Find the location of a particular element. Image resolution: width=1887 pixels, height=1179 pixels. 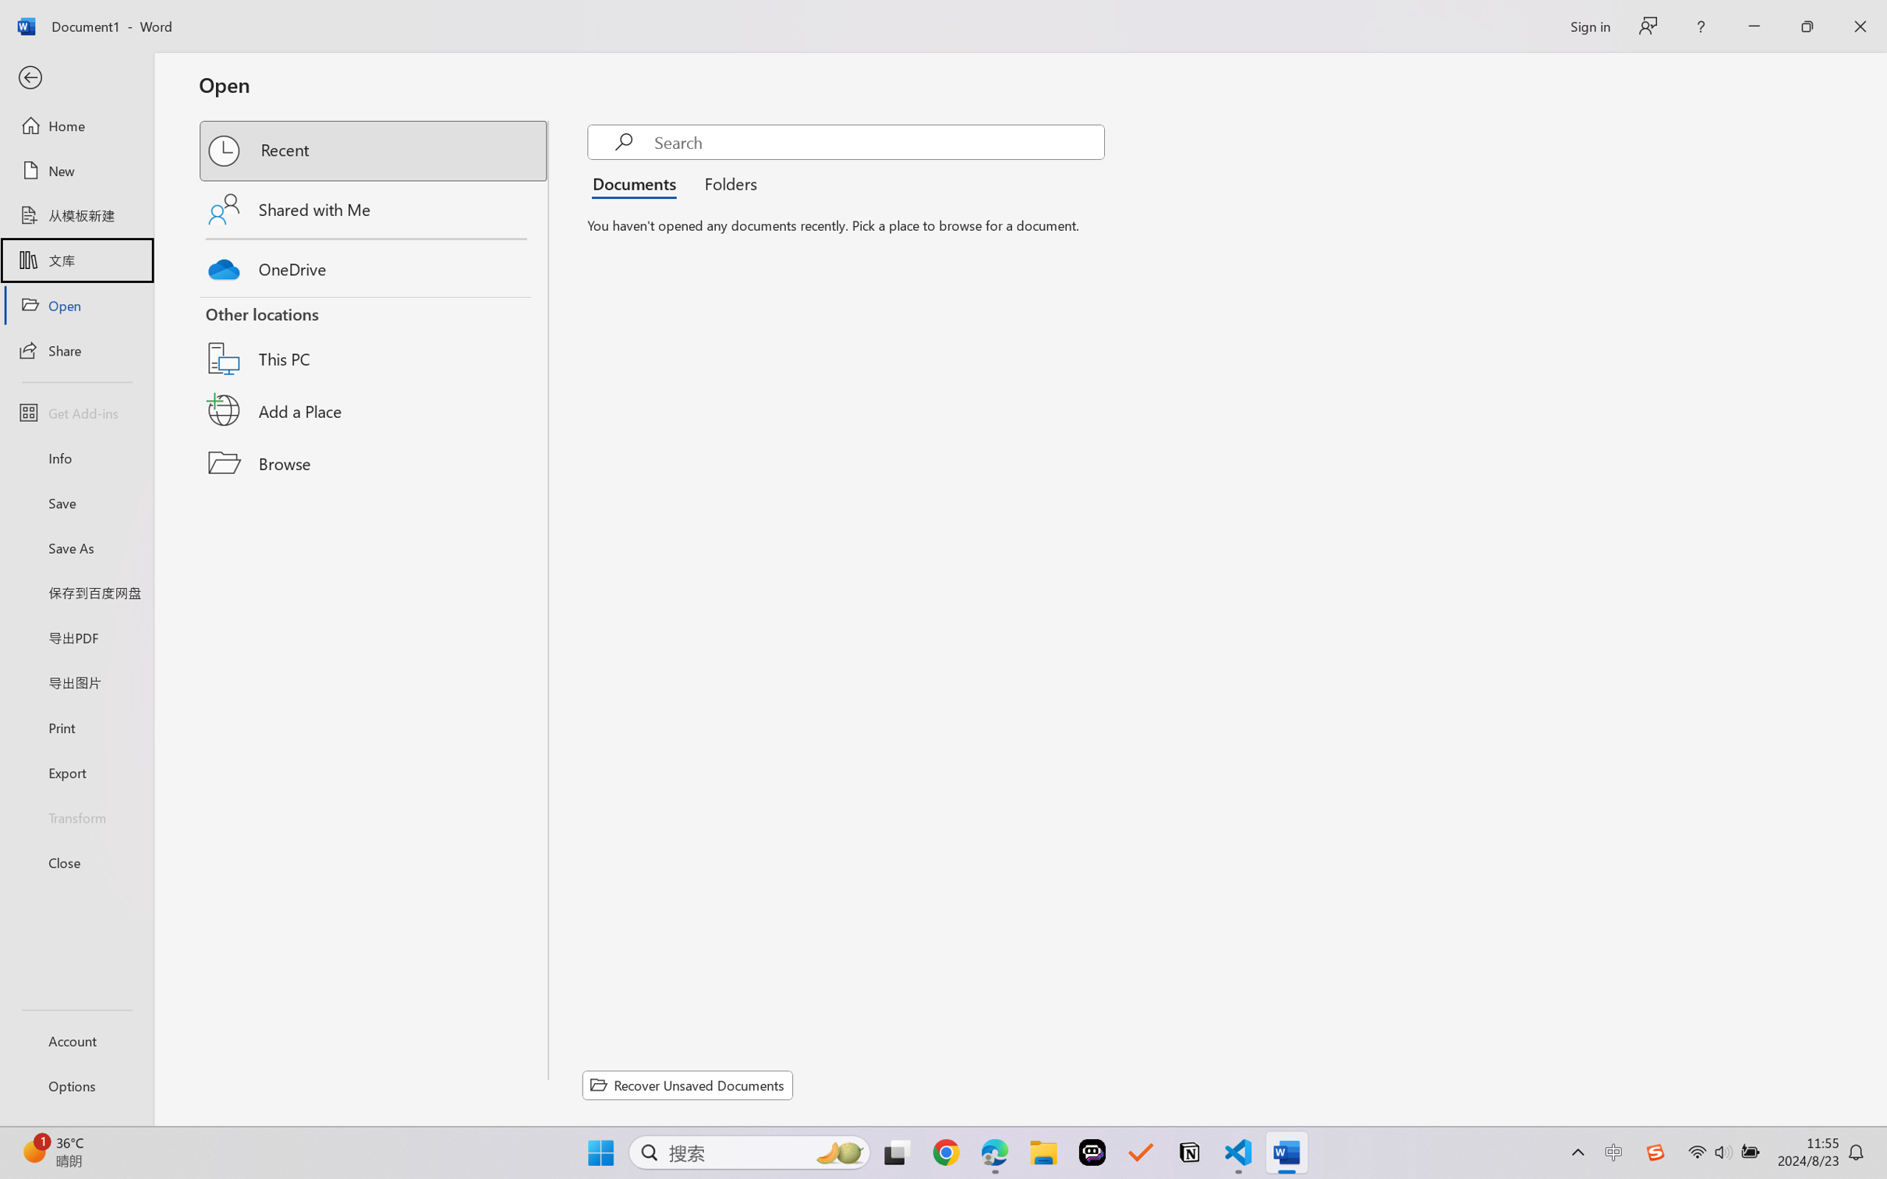

'New' is located at coordinates (76, 169).